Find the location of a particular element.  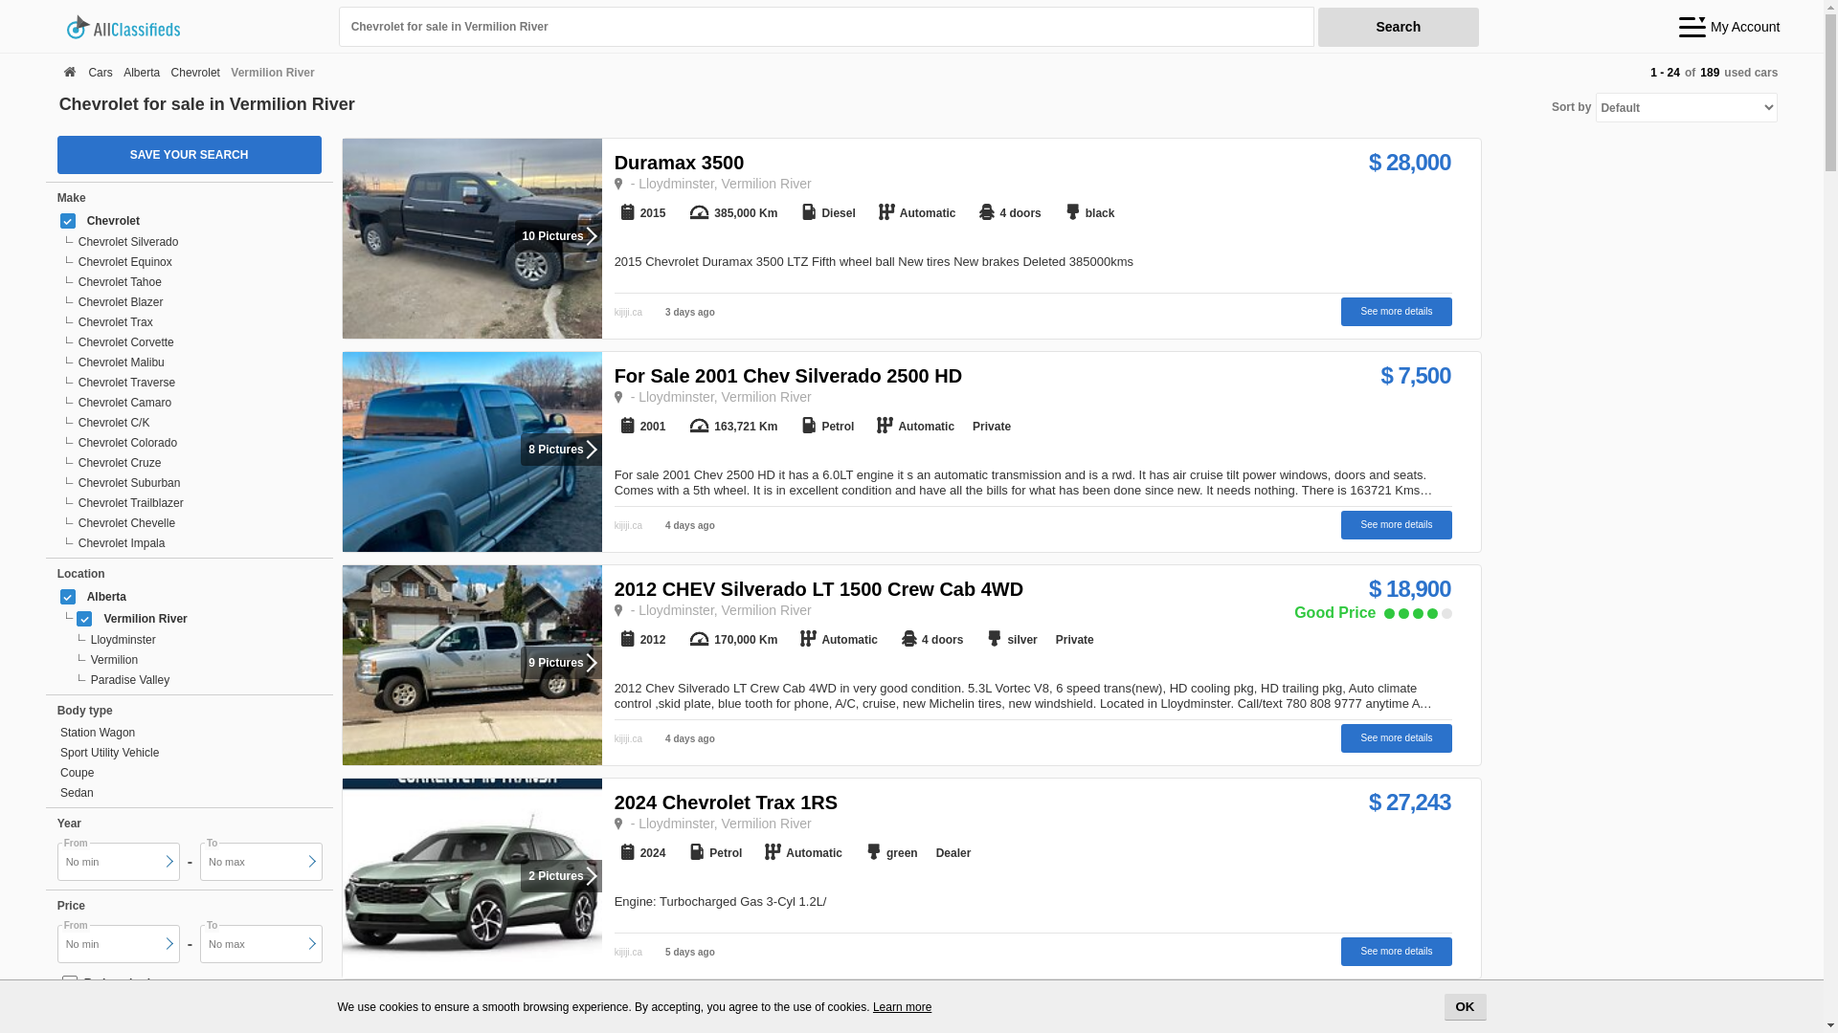

'allclassifieds.ca' is located at coordinates (195, 26).